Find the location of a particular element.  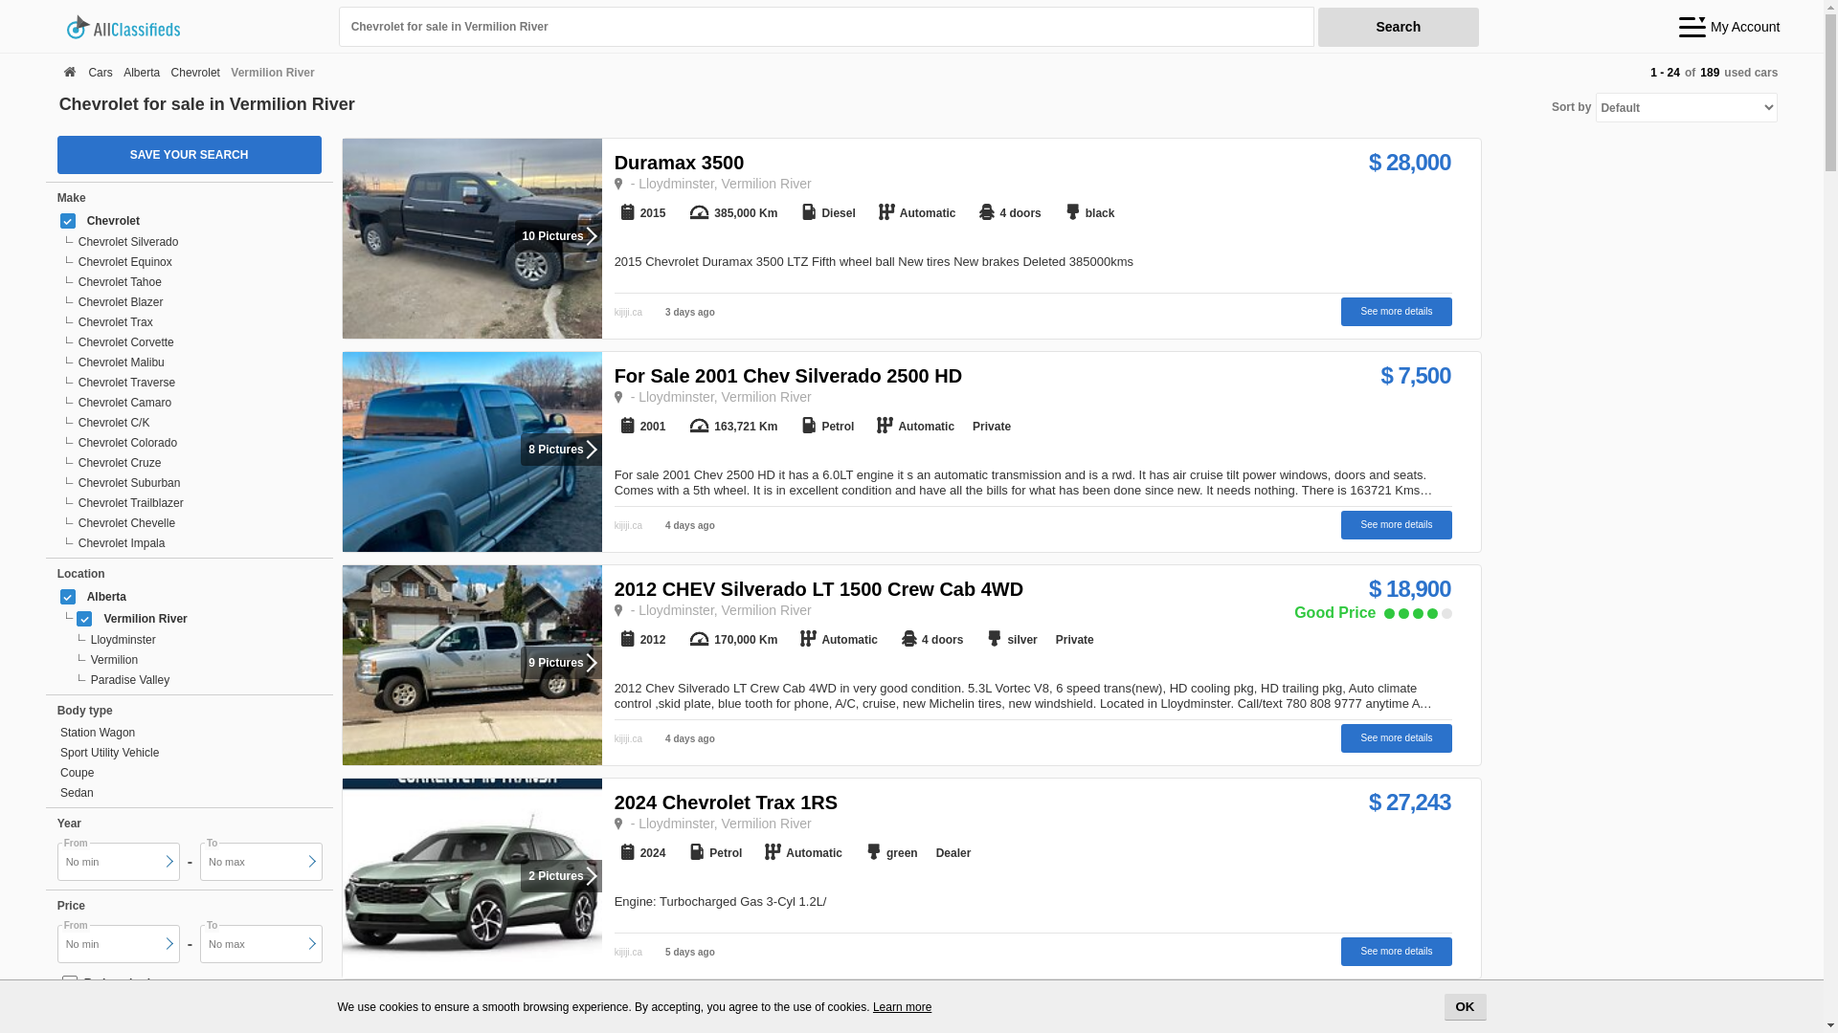

'allclassifieds.ca' is located at coordinates (195, 26).